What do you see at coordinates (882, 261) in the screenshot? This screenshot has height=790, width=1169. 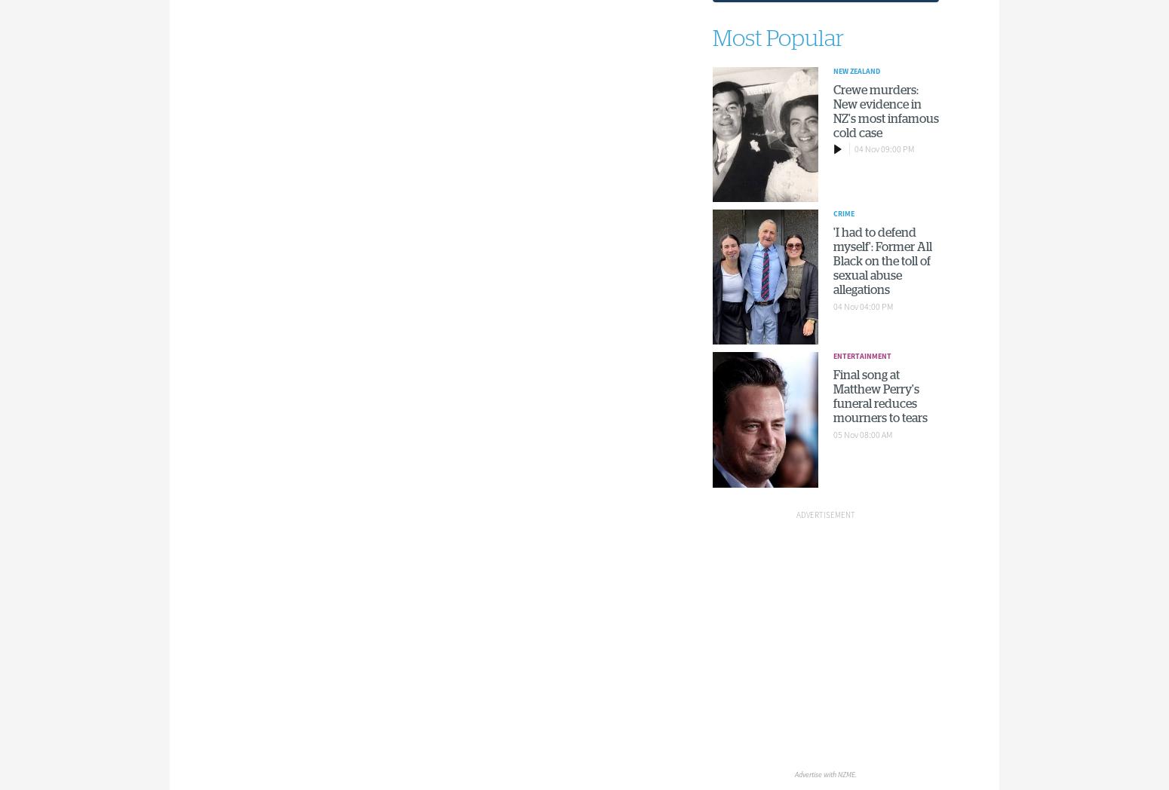 I see `''I had to defend myself': Former All Black on the toll of sexual abuse allegations'` at bounding box center [882, 261].